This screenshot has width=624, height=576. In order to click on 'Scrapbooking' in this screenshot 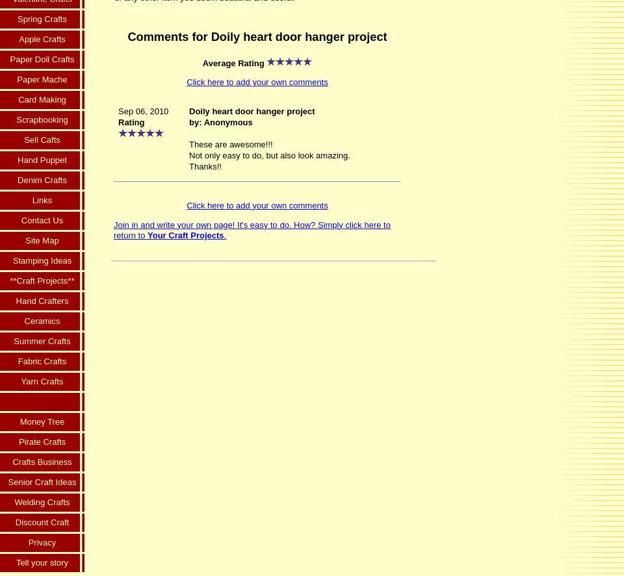, I will do `click(42, 119)`.